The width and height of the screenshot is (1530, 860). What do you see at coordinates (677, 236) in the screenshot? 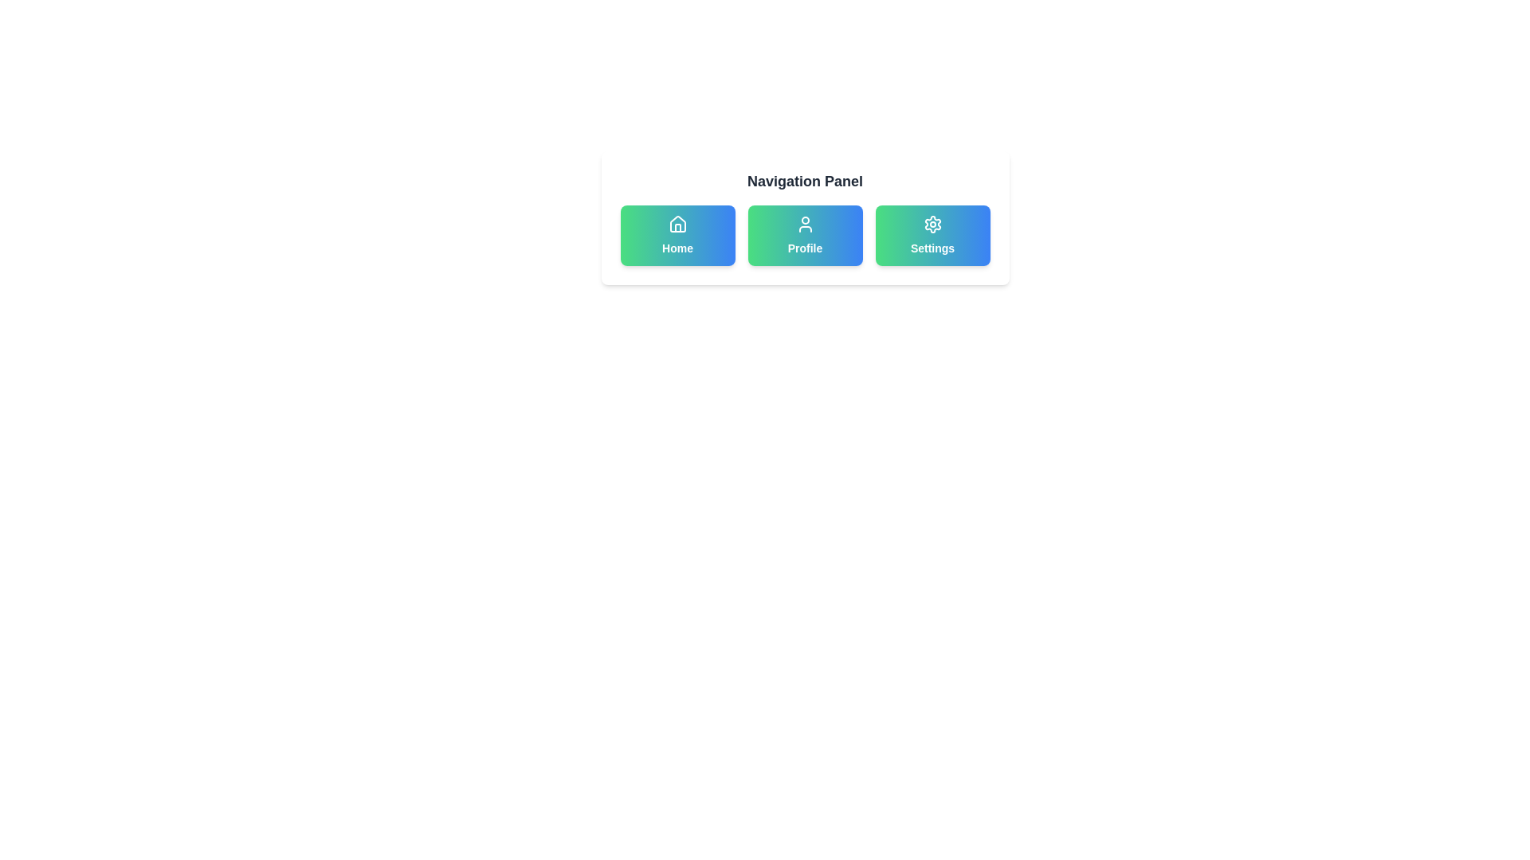
I see `the 'Home' button, which is the first option in the horizontal navigation panel, featuring a gradient background from green to blue and a white house icon above the text 'Home'` at bounding box center [677, 236].